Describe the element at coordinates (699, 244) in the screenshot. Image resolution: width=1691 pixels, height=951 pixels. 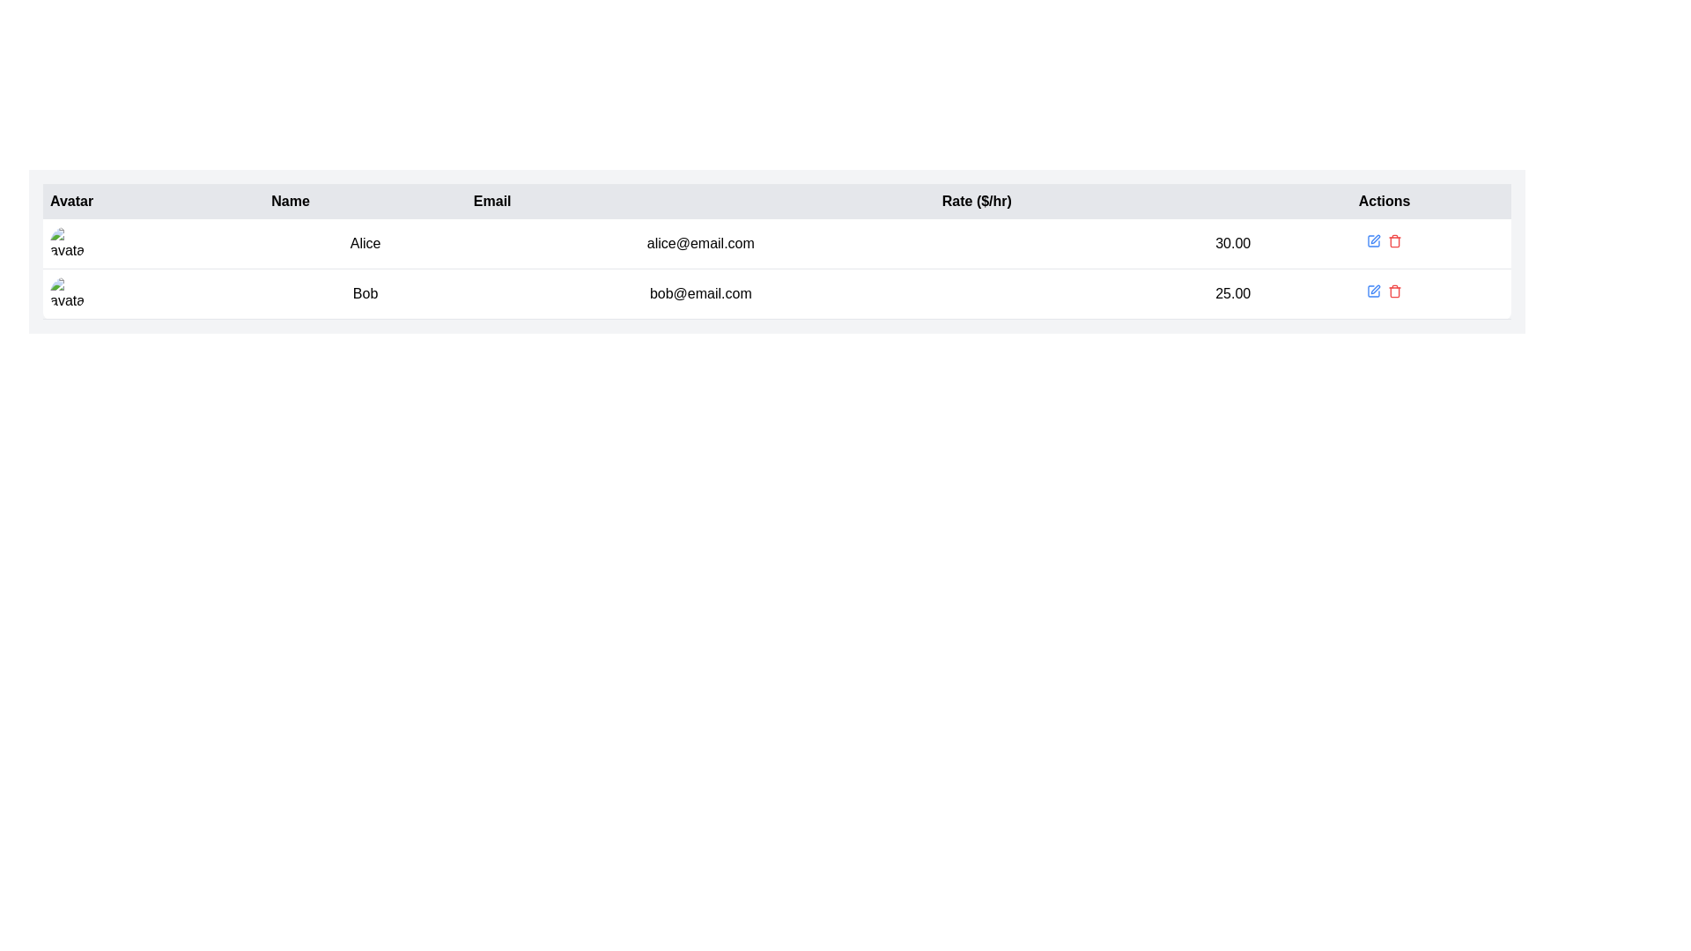
I see `the text display element that shows the email address 'alice@email.com', which is styled with padding and located in the third column of the table under the name 'Alice'` at that location.